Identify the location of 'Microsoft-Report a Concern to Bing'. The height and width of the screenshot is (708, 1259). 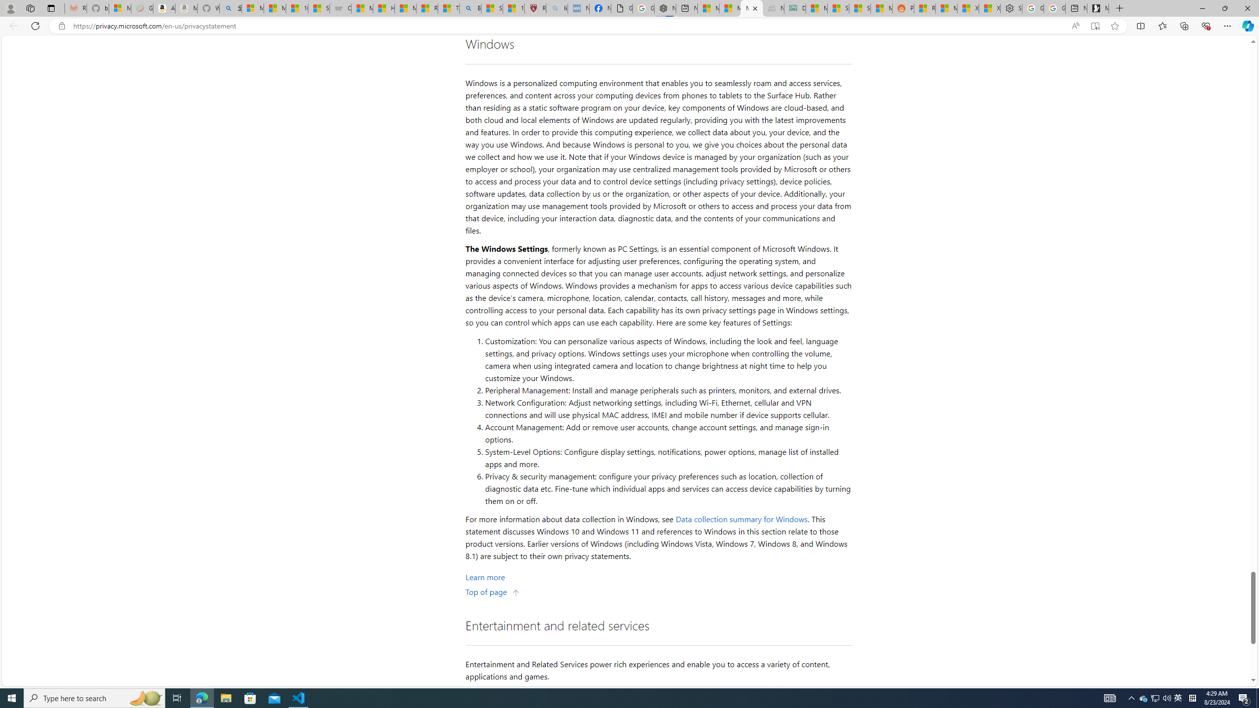
(119, 8).